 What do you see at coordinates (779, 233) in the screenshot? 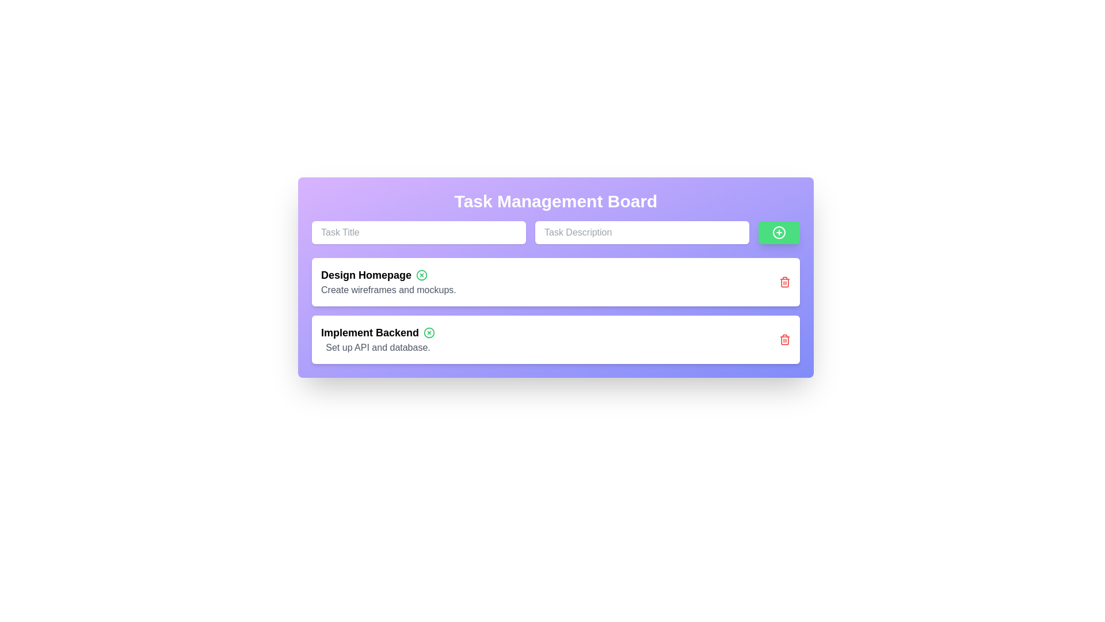
I see `the 'Add Task' button located at the top-right corner of the task input section` at bounding box center [779, 233].